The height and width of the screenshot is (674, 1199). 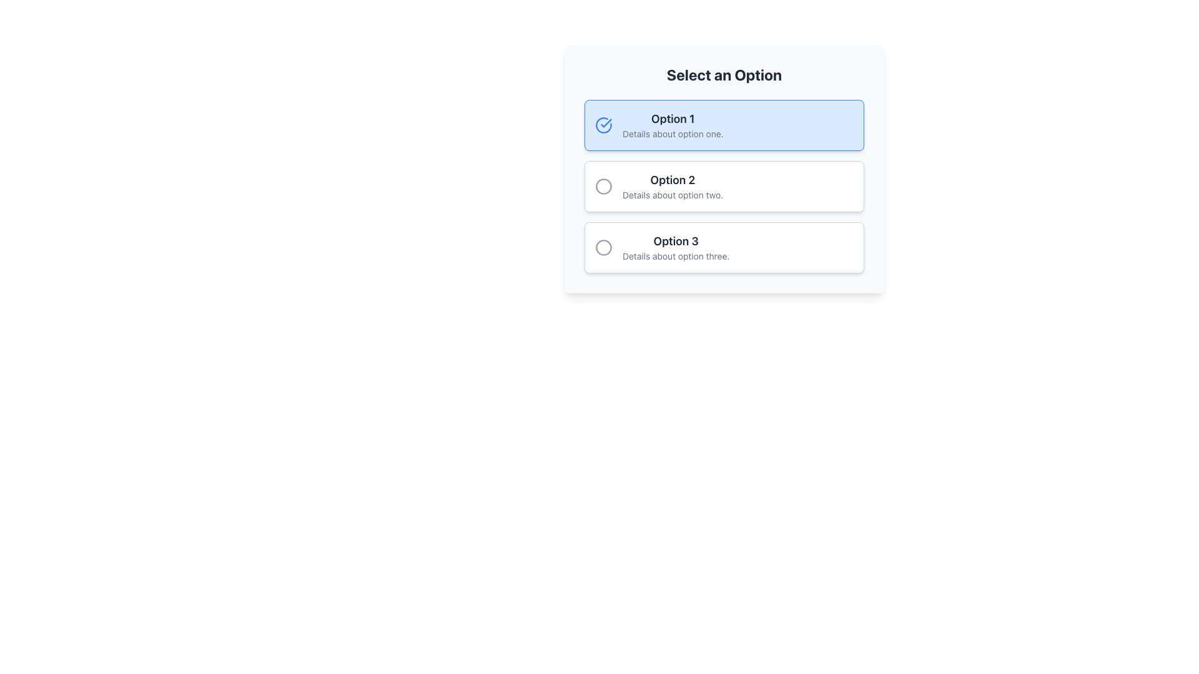 I want to click on the small text segment located below the title 'Option 1' in the selection menu, which provides additional details about the option, so click(x=672, y=134).